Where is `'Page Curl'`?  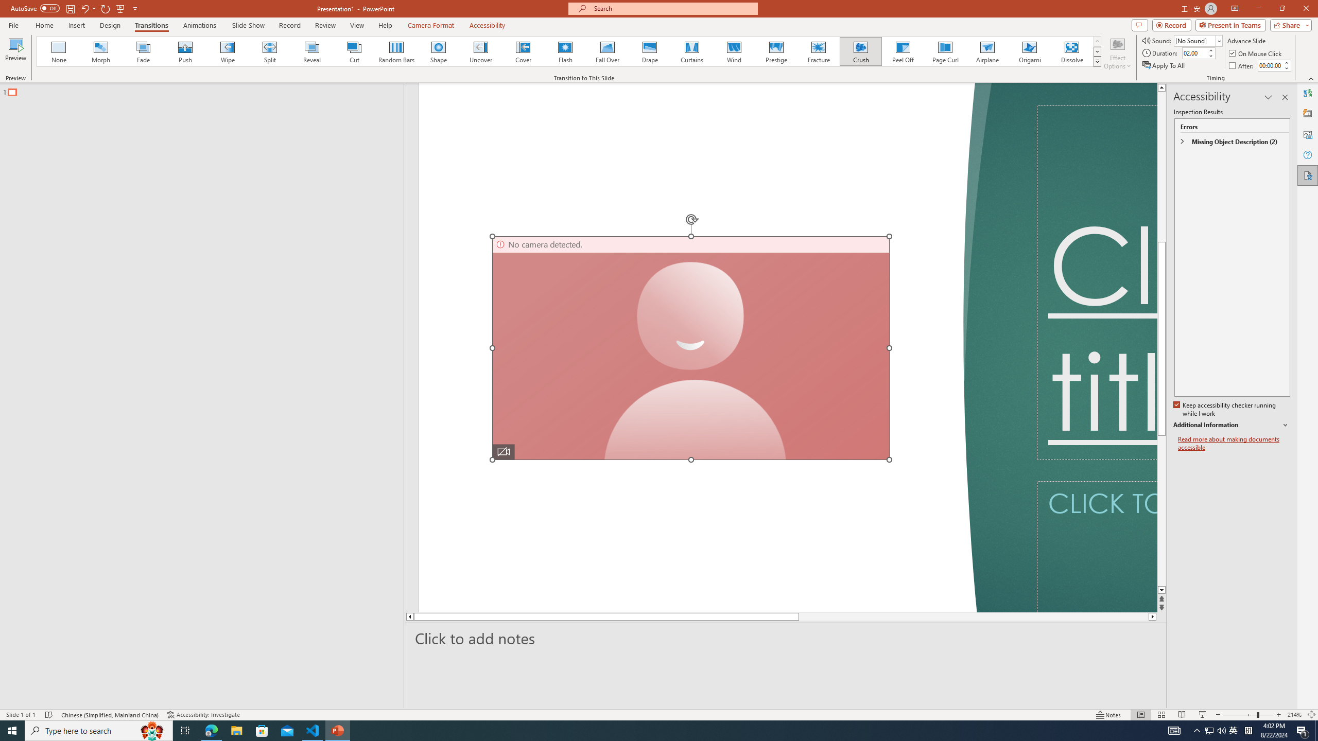 'Page Curl' is located at coordinates (944, 51).